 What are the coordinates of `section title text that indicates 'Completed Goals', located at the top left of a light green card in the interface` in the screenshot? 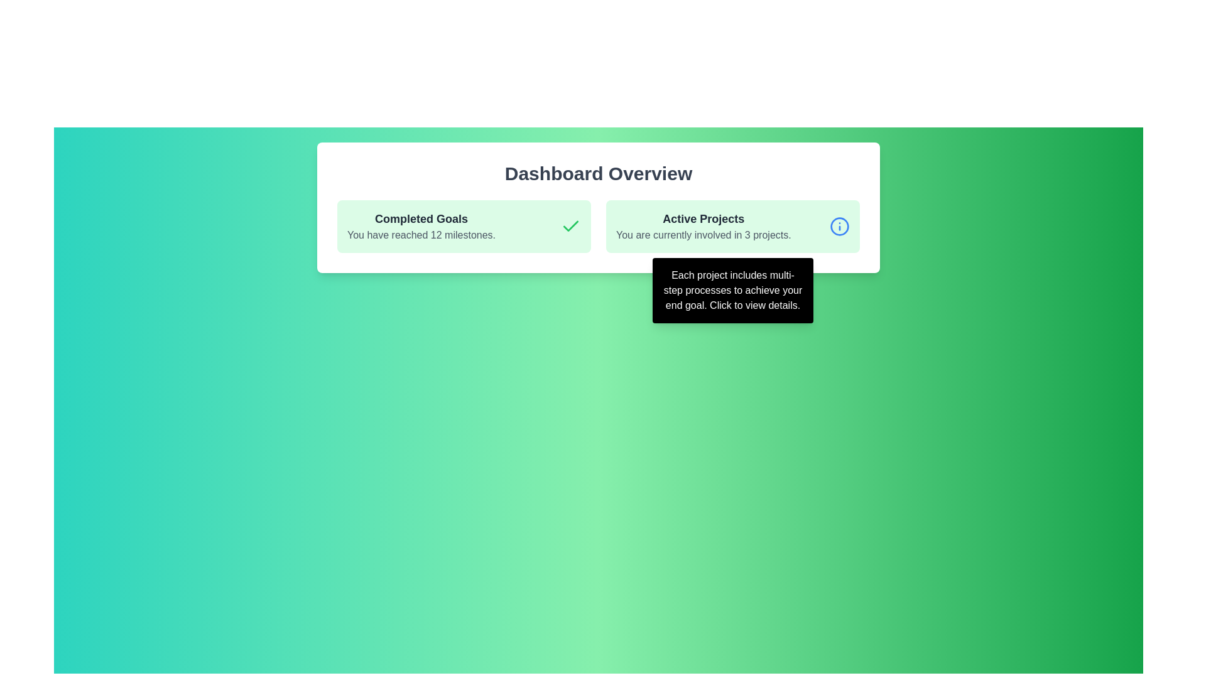 It's located at (421, 218).